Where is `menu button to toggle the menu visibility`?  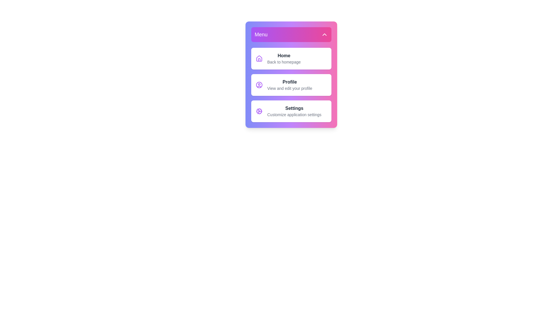
menu button to toggle the menu visibility is located at coordinates (291, 34).